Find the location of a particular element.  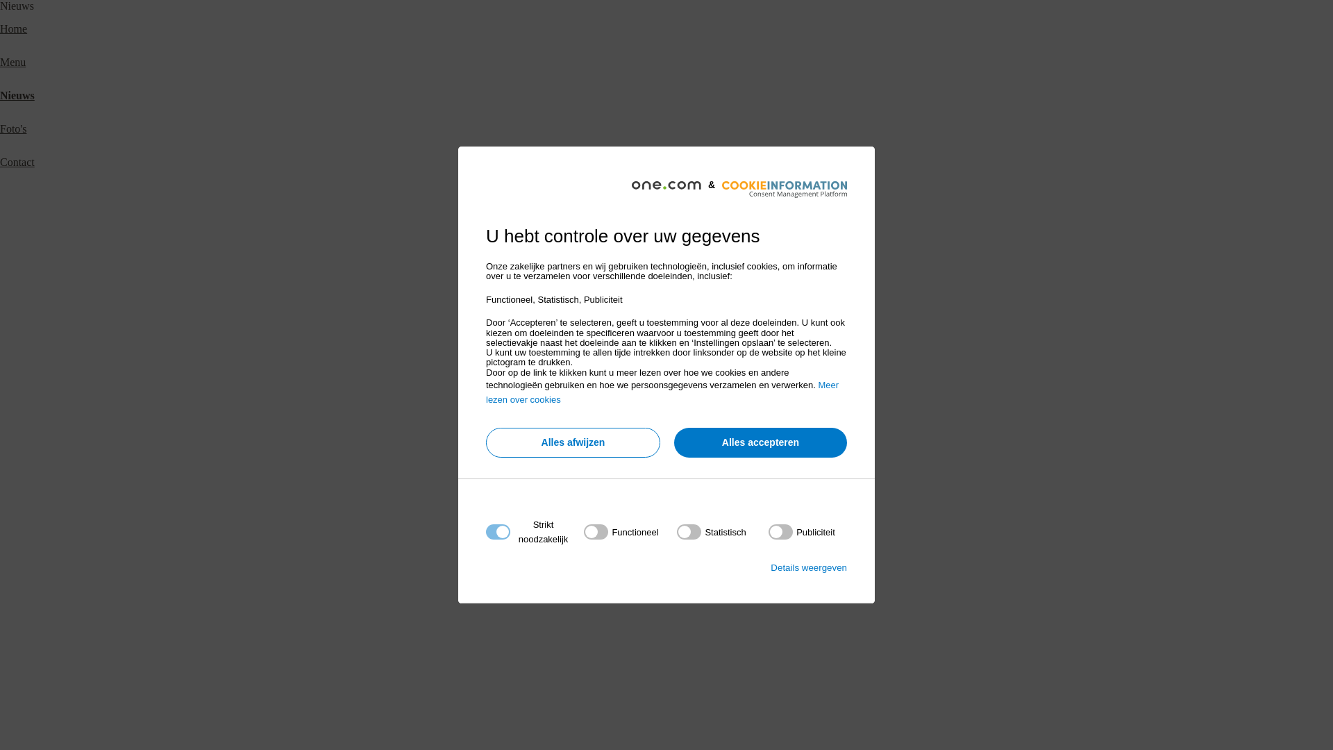

'on' is located at coordinates (620, 531).